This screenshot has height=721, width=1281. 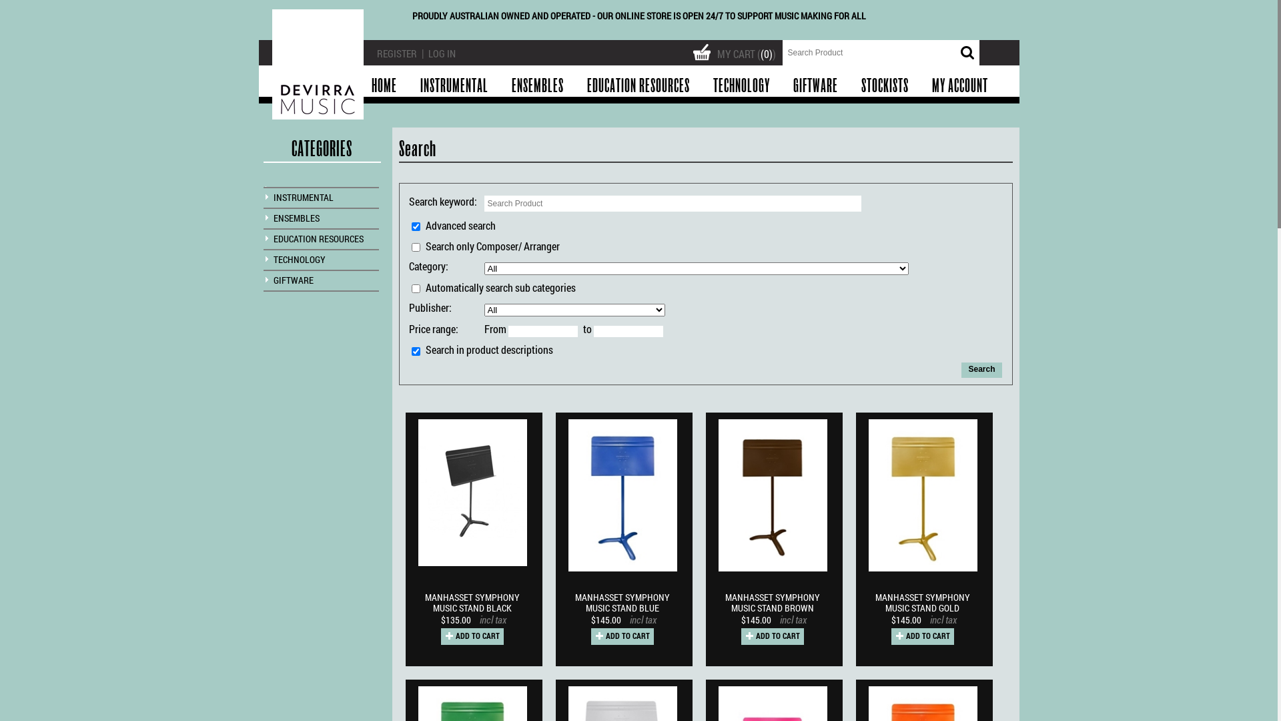 What do you see at coordinates (303, 197) in the screenshot?
I see `'INSTRUMENTAL'` at bounding box center [303, 197].